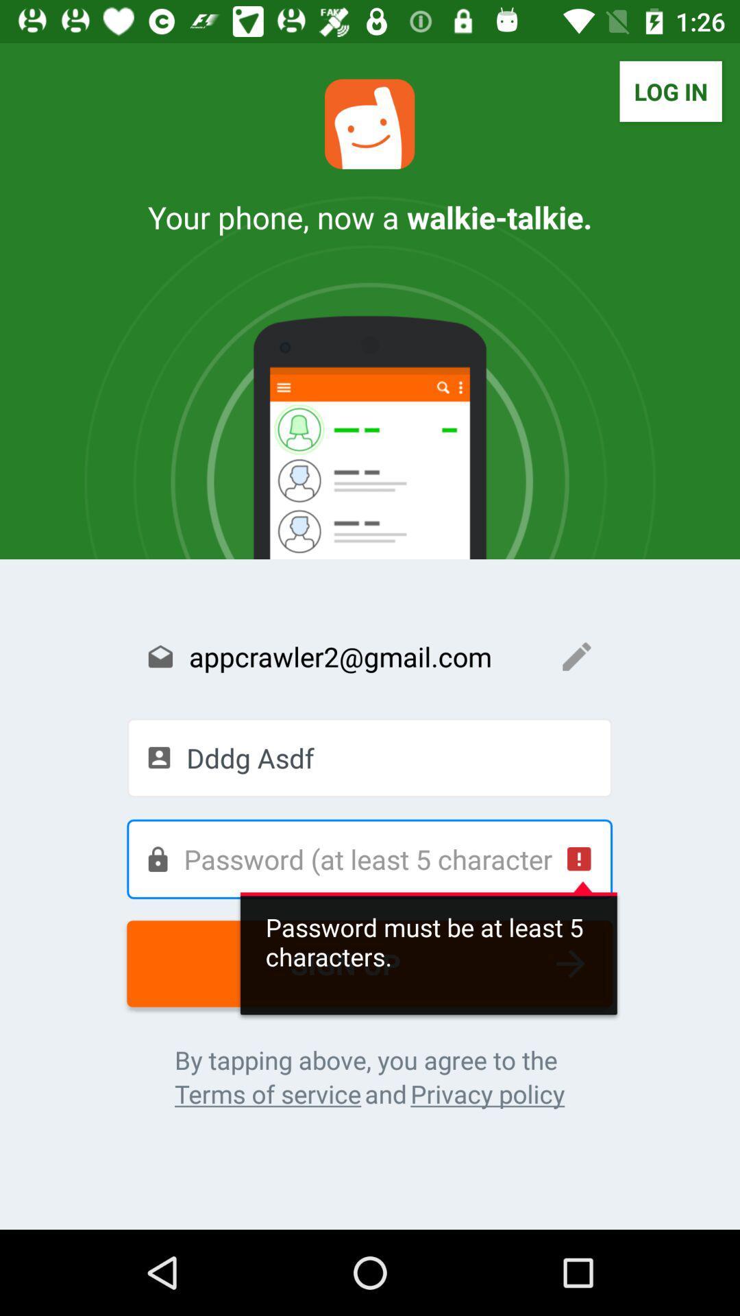 This screenshot has height=1316, width=740. What do you see at coordinates (369, 757) in the screenshot?
I see `the icon below the appcrawler2@gmail.com item` at bounding box center [369, 757].